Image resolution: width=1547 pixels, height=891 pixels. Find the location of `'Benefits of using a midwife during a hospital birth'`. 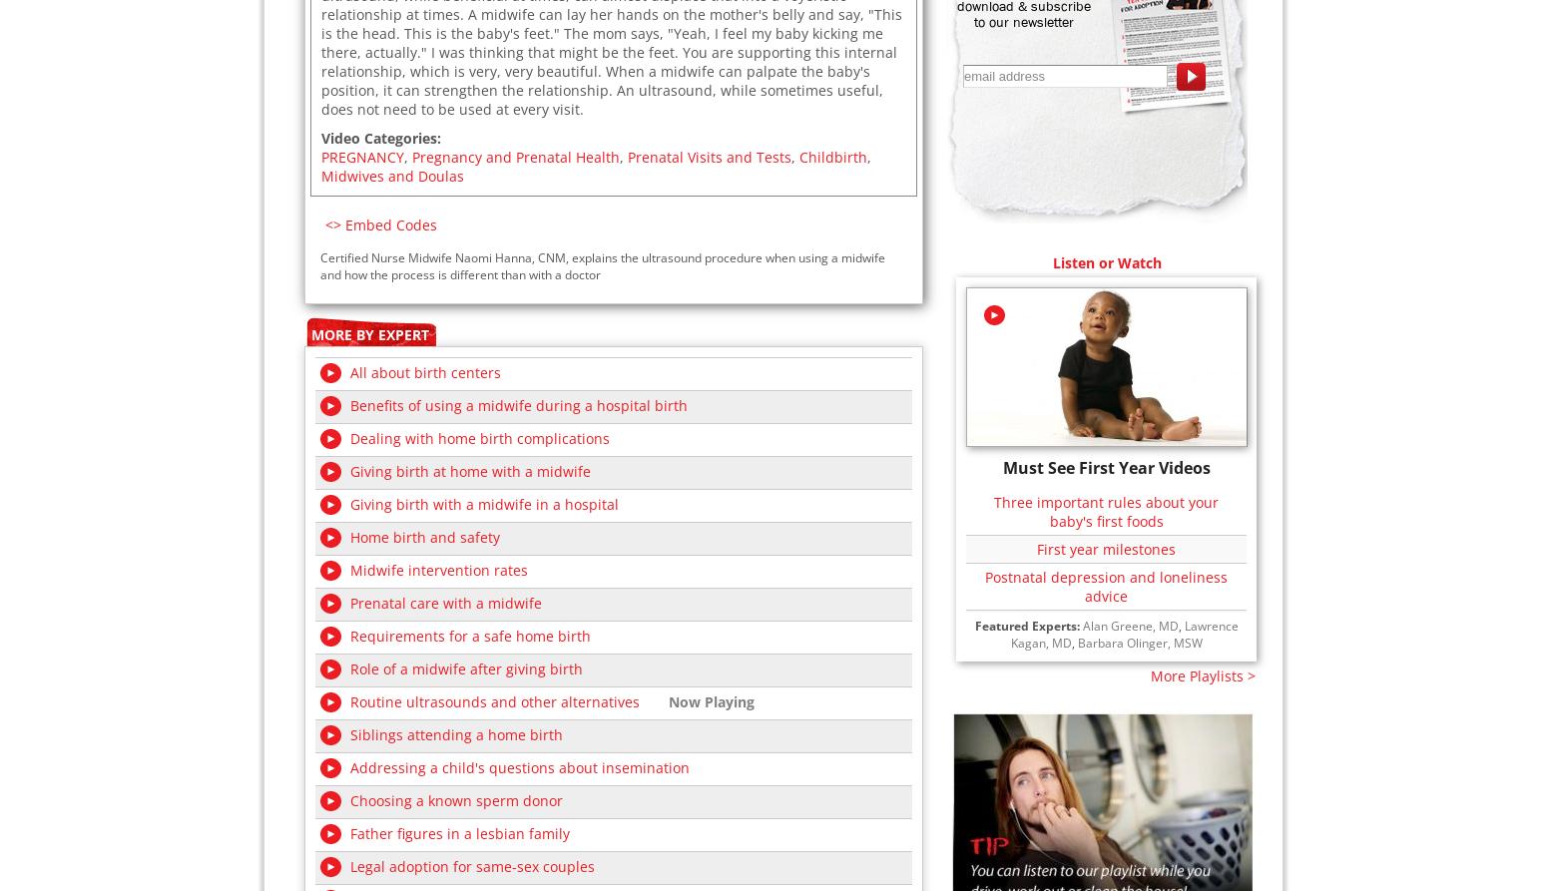

'Benefits of using a midwife during a hospital birth' is located at coordinates (518, 404).